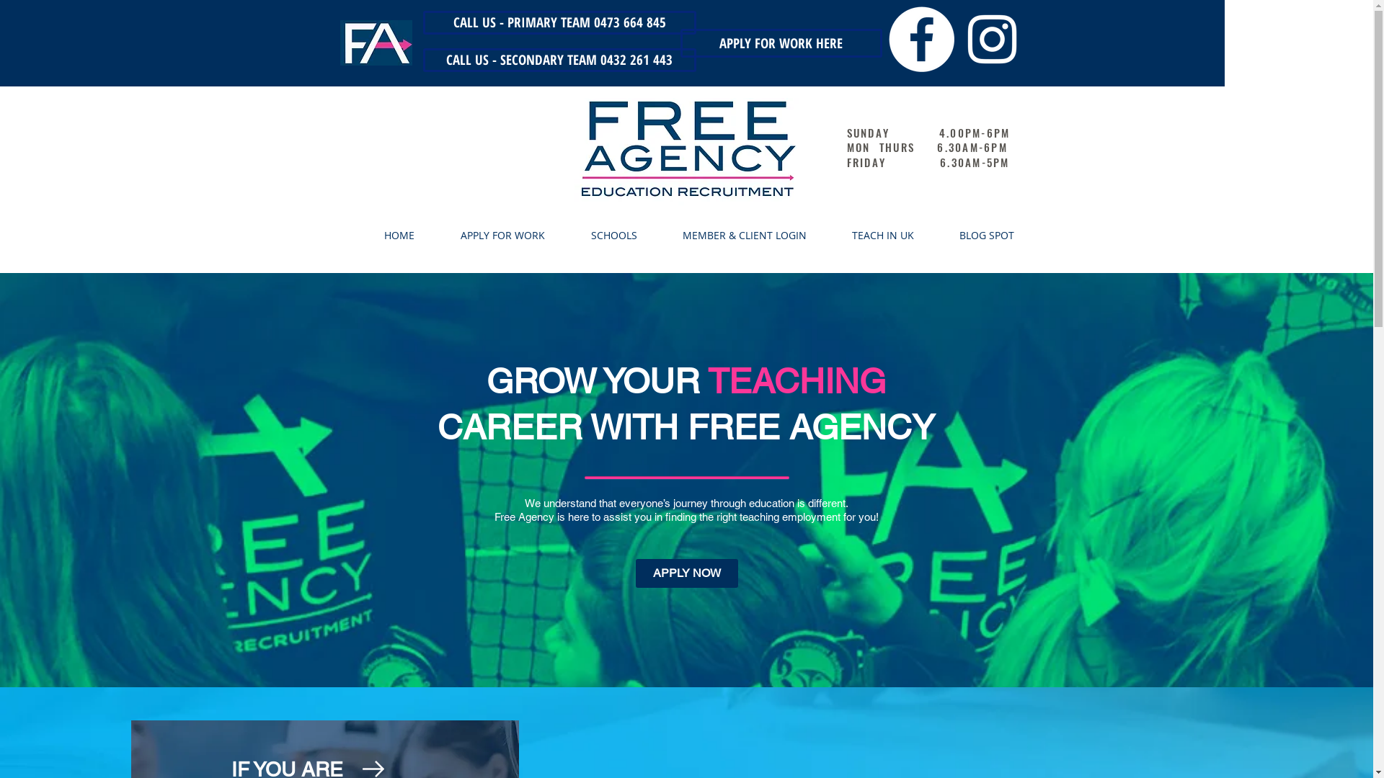  I want to click on 'TEACH IN UK', so click(870, 234).